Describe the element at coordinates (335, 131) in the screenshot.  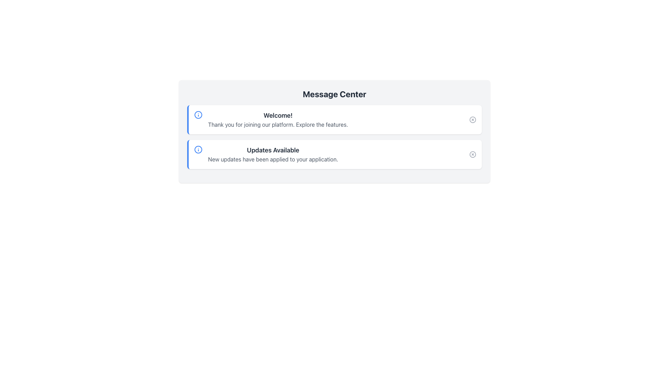
I see `the centrally positioned informational panel that displays introductory and update messages for the user` at that location.